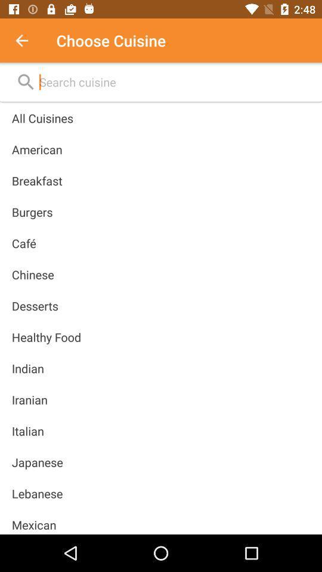 The image size is (322, 572). Describe the element at coordinates (37, 181) in the screenshot. I see `the icon above burgers item` at that location.